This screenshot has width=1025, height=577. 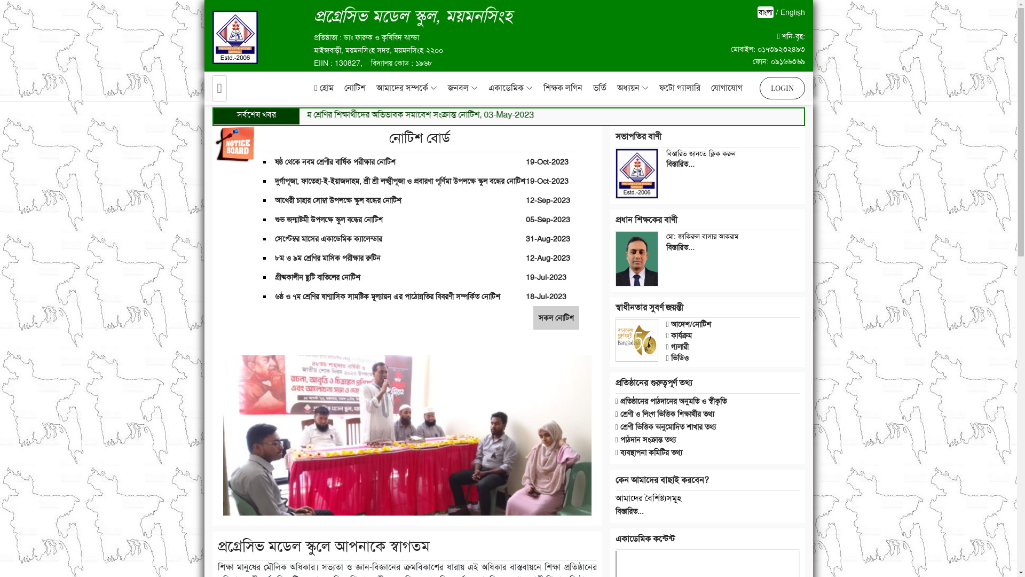 I want to click on 'LOGIN', so click(x=782, y=88).